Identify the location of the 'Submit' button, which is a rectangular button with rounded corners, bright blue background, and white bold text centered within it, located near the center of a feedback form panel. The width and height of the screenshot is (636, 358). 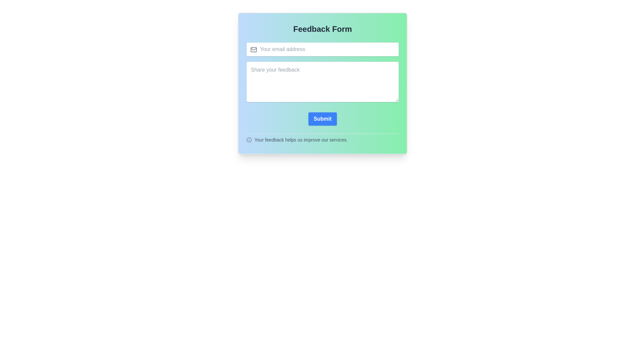
(323, 118).